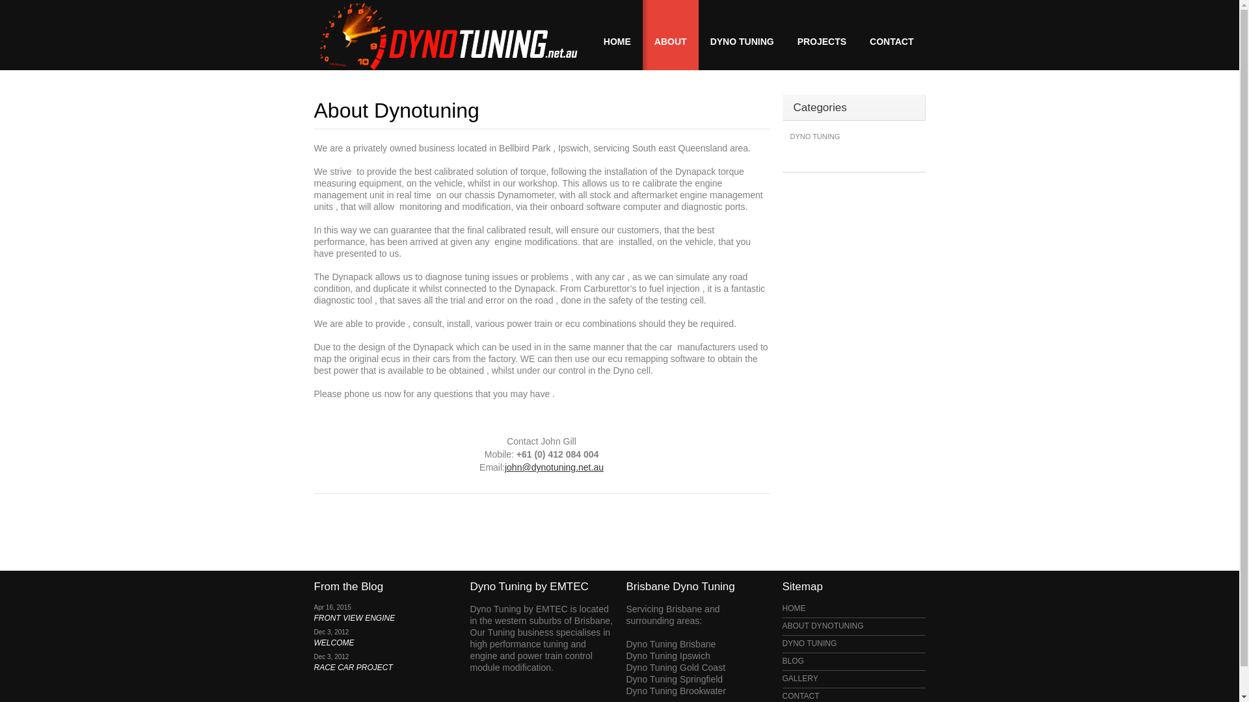 The image size is (1249, 702). Describe the element at coordinates (799, 678) in the screenshot. I see `'GALLERY'` at that location.